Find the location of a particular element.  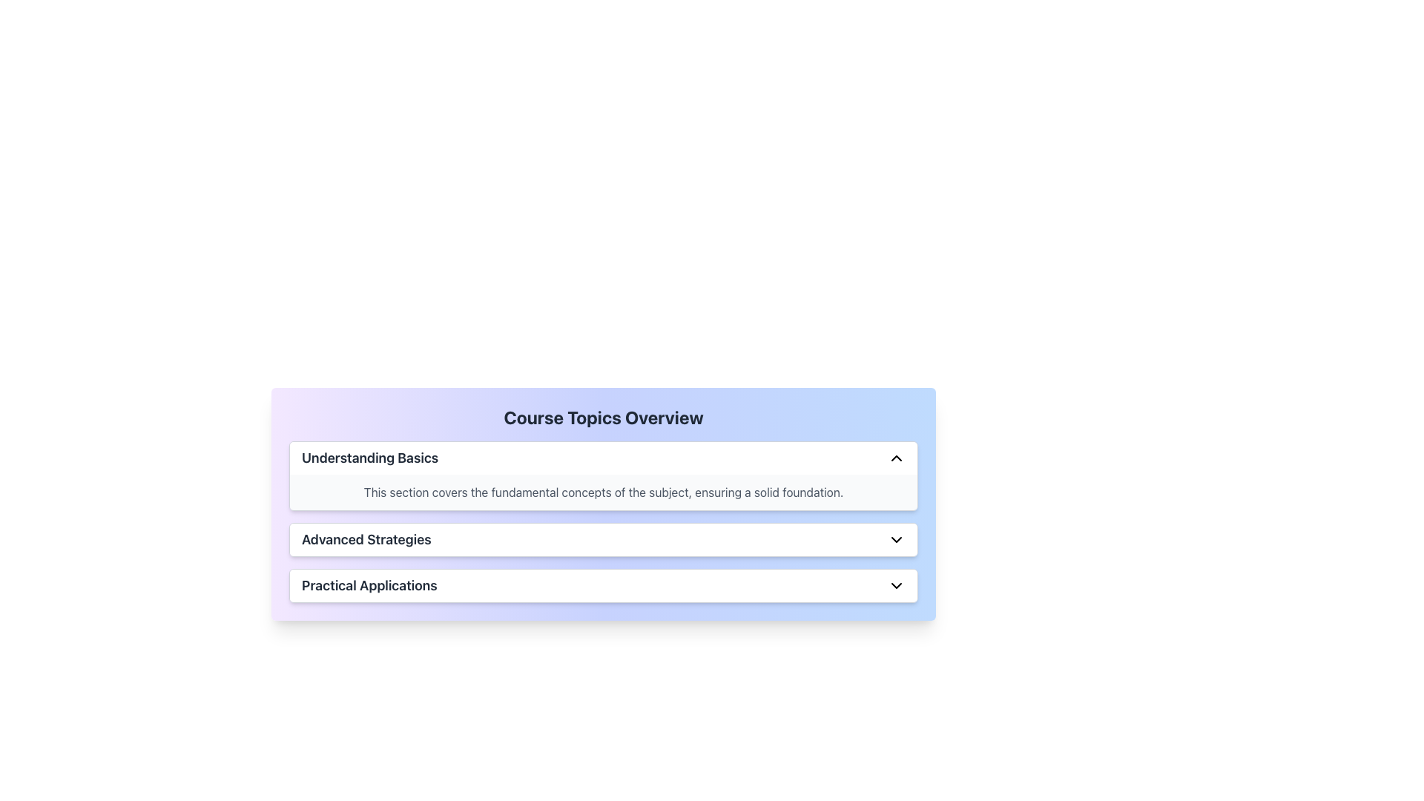

the 'Practical Applications' text label, which serves as the title for its section in the collapsible menu is located at coordinates (369, 585).